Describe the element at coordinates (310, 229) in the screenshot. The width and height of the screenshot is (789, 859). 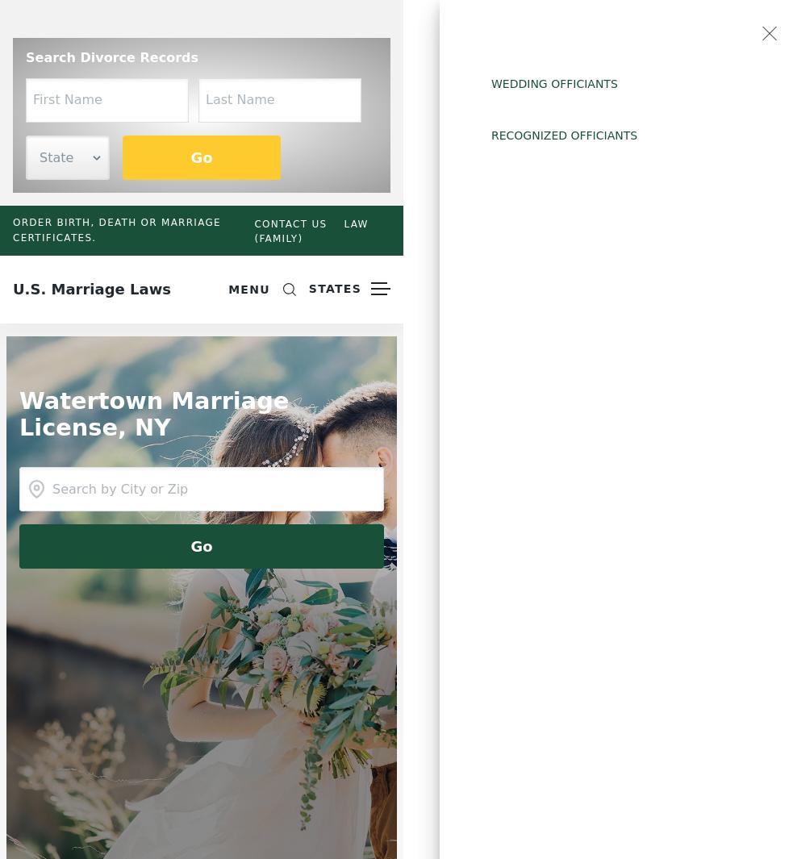
I see `'LAW (FAMILY)'` at that location.